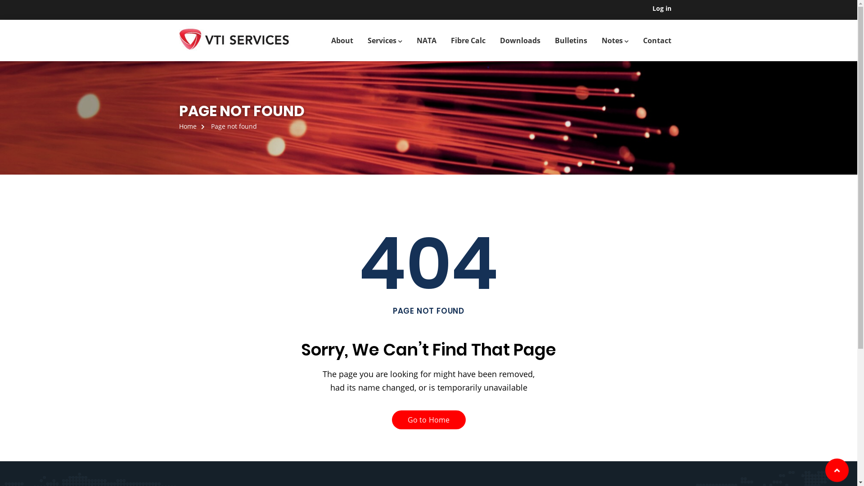 The height and width of the screenshot is (486, 864). I want to click on 'About', so click(342, 40).